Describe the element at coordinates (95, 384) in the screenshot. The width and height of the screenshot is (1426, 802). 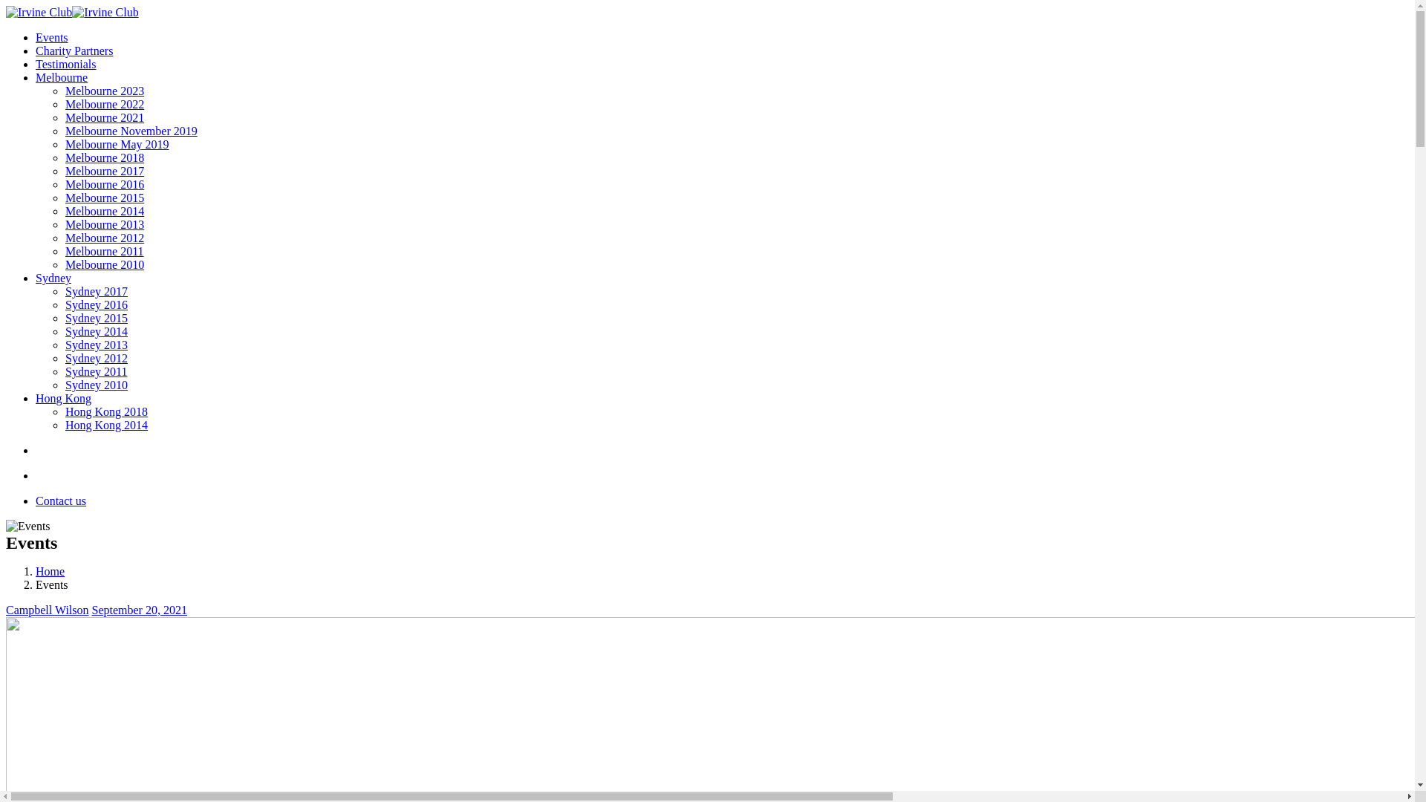
I see `'Sydney 2010'` at that location.